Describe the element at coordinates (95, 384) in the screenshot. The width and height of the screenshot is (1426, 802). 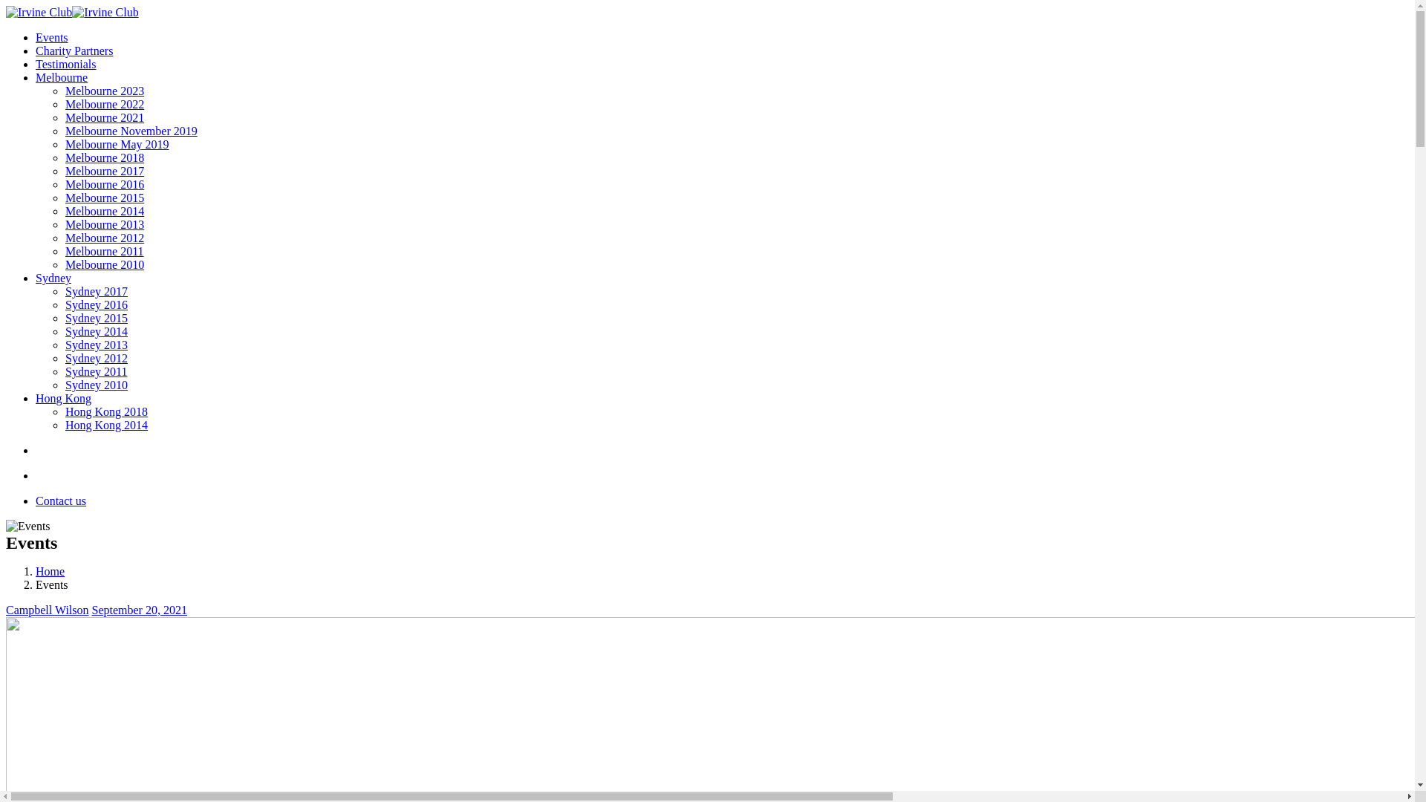
I see `'Sydney 2010'` at that location.